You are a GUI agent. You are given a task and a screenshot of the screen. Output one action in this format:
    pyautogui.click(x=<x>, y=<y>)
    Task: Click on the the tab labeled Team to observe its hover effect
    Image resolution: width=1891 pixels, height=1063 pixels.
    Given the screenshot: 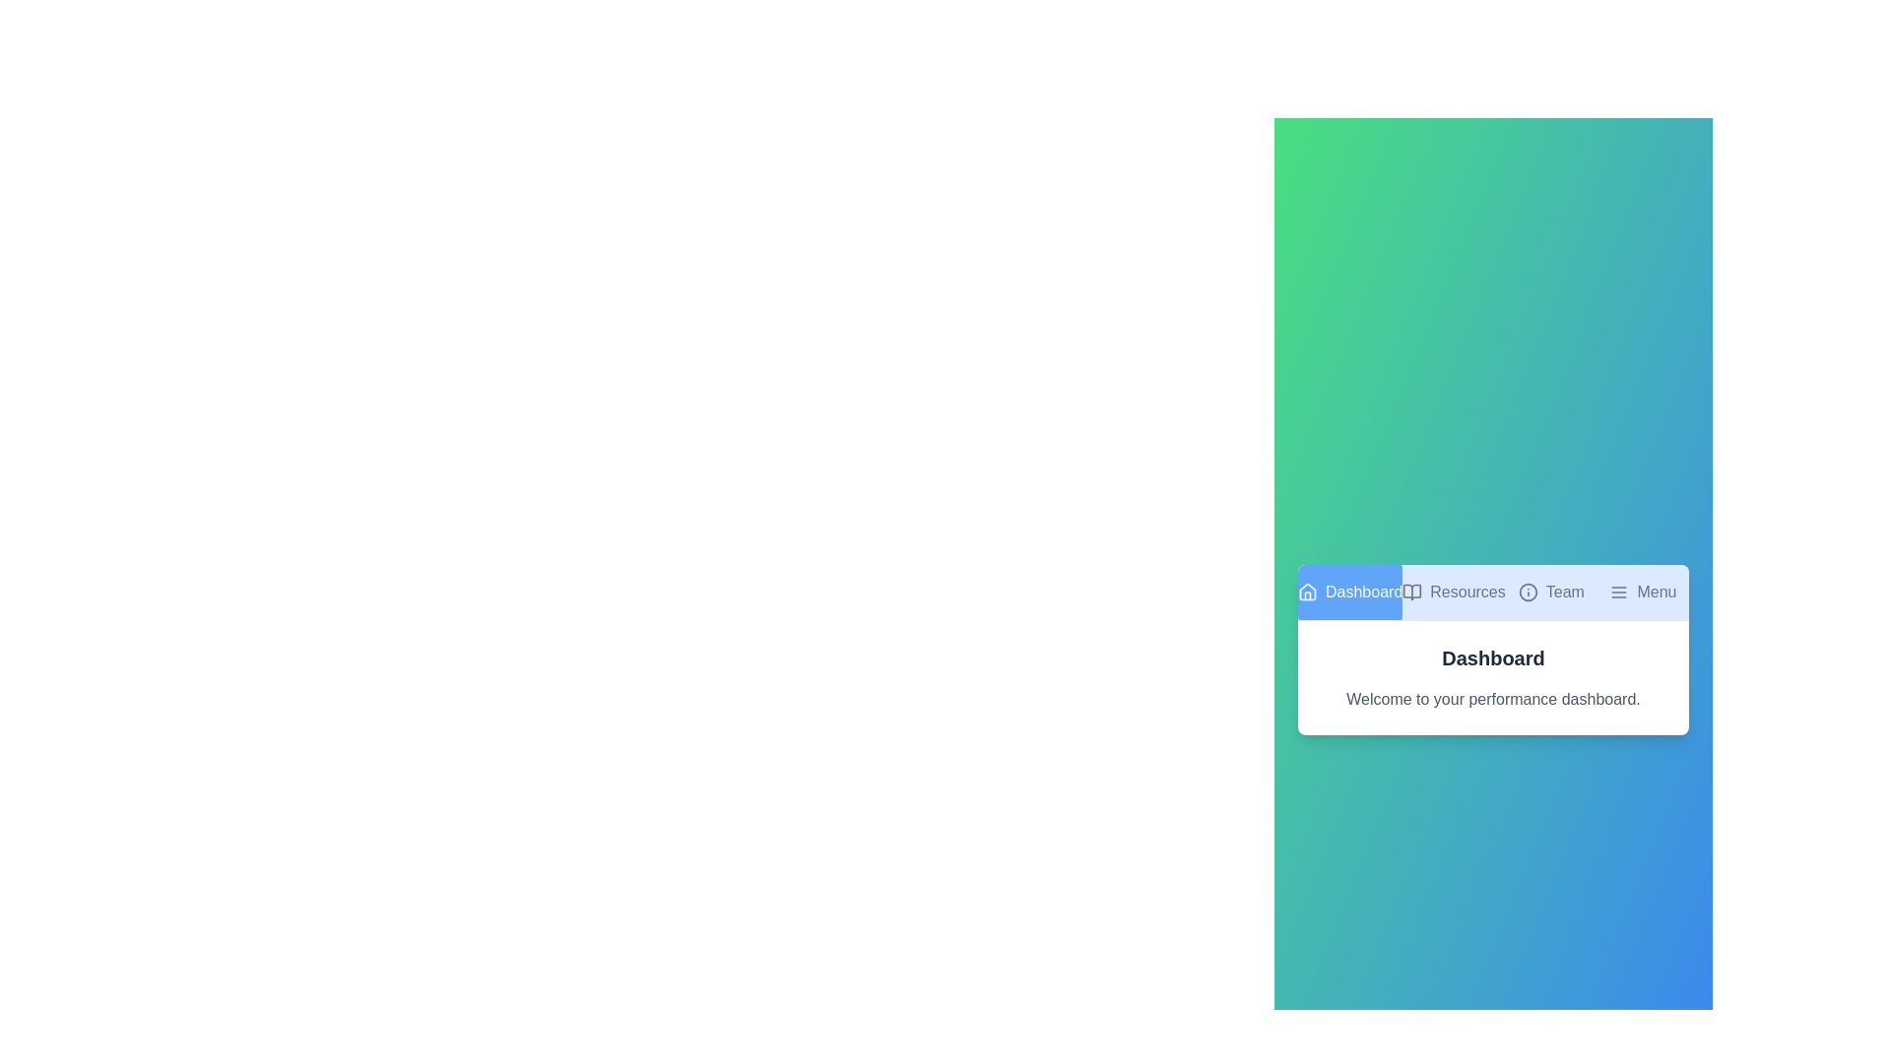 What is the action you would take?
    pyautogui.click(x=1550, y=591)
    